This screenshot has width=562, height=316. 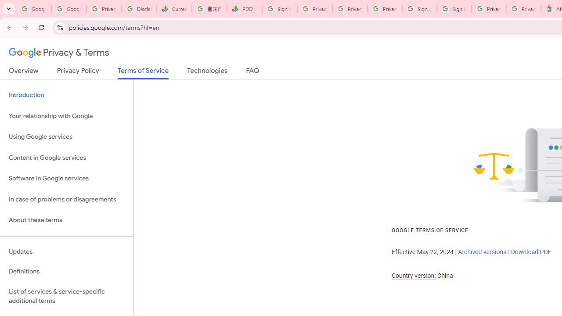 I want to click on 'Sign in - Google Accounts', so click(x=419, y=9).